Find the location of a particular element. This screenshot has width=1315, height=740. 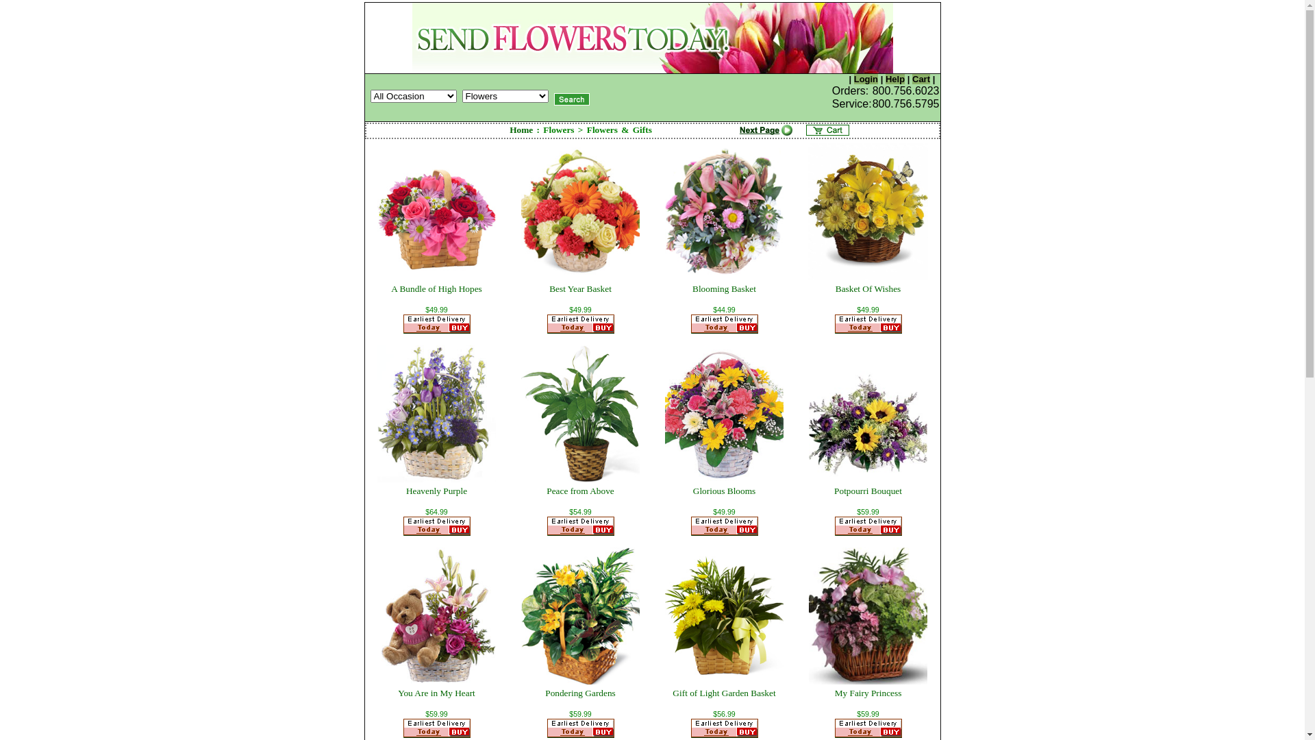

'Pondering Gardens' is located at coordinates (580, 693).